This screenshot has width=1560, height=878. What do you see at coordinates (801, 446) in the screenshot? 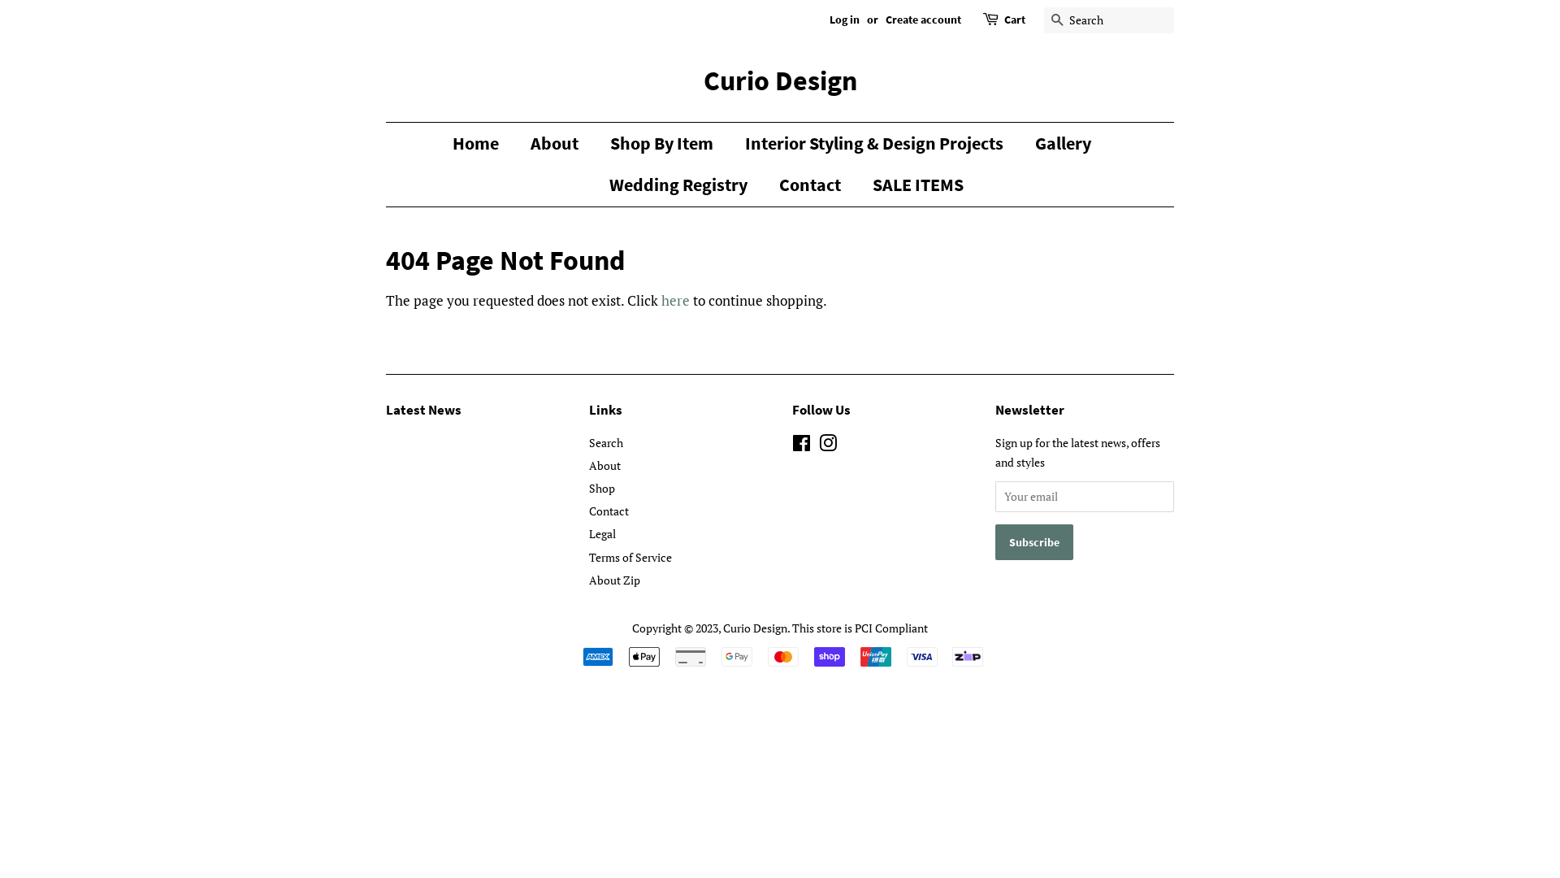
I see `'Facebook'` at bounding box center [801, 446].